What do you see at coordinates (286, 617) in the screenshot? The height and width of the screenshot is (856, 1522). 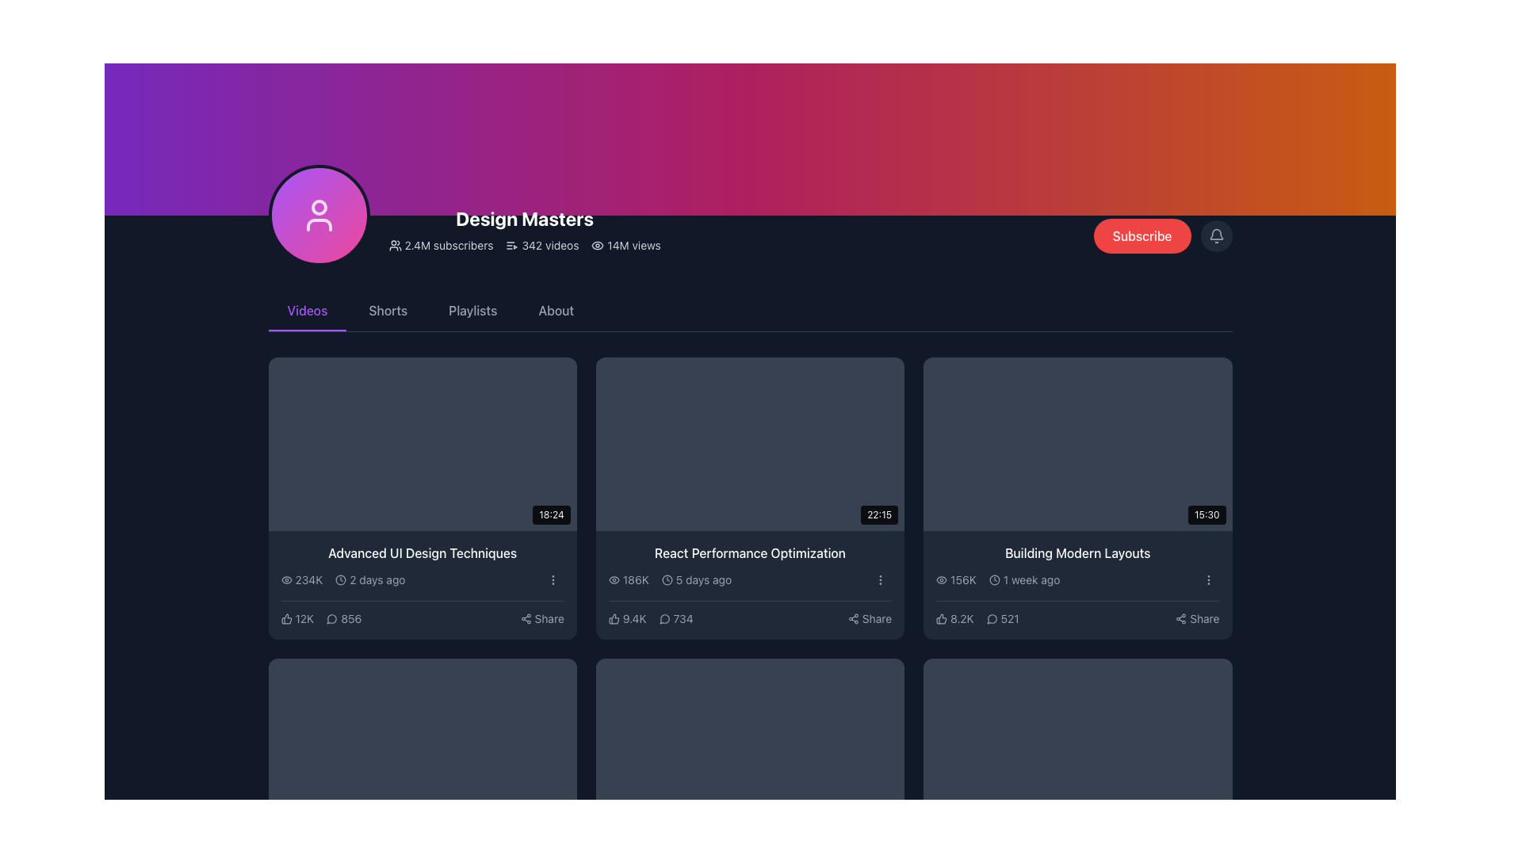 I see `the thumbs-up icon located at the lower section of the card for the video titled 'Advanced UI Design Techniques' to like the video` at bounding box center [286, 617].